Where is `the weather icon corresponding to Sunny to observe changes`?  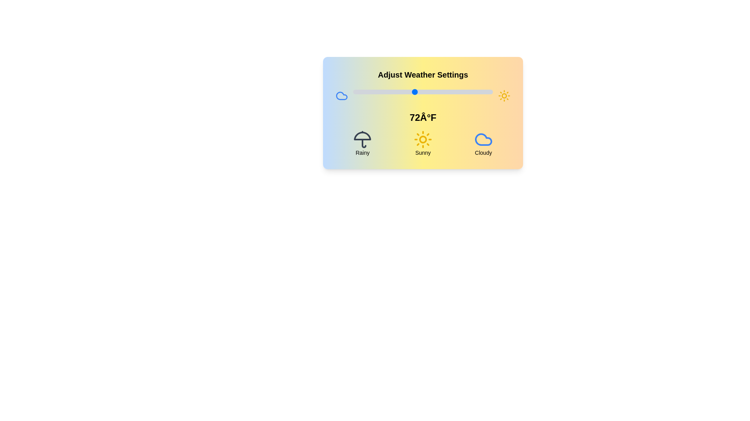
the weather icon corresponding to Sunny to observe changes is located at coordinates (423, 143).